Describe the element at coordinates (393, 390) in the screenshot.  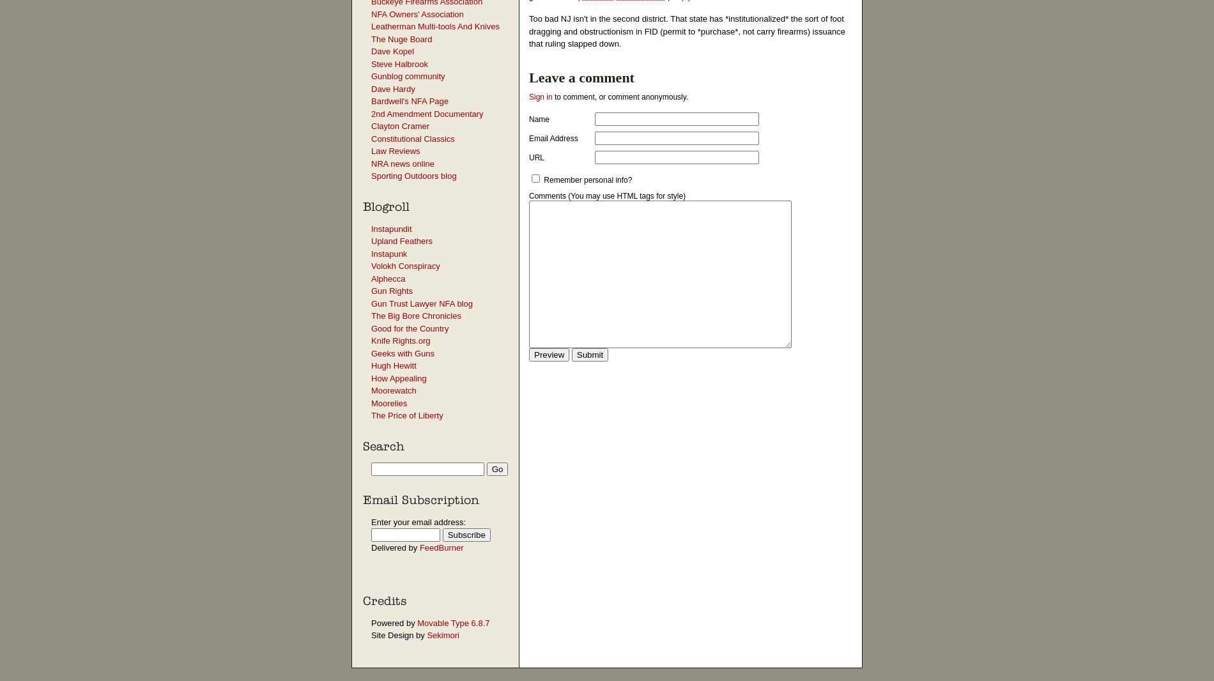
I see `'Moorewatch'` at that location.